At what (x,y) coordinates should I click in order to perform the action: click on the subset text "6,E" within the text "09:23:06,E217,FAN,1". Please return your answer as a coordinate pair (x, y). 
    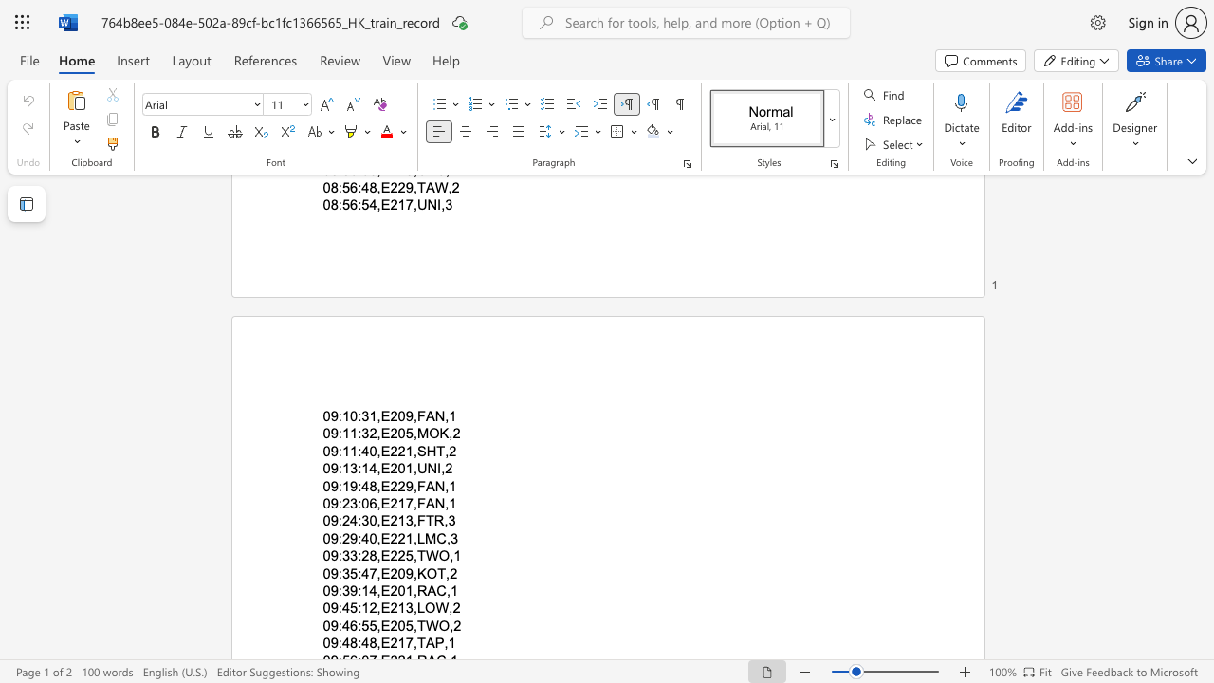
    Looking at the image, I should click on (369, 503).